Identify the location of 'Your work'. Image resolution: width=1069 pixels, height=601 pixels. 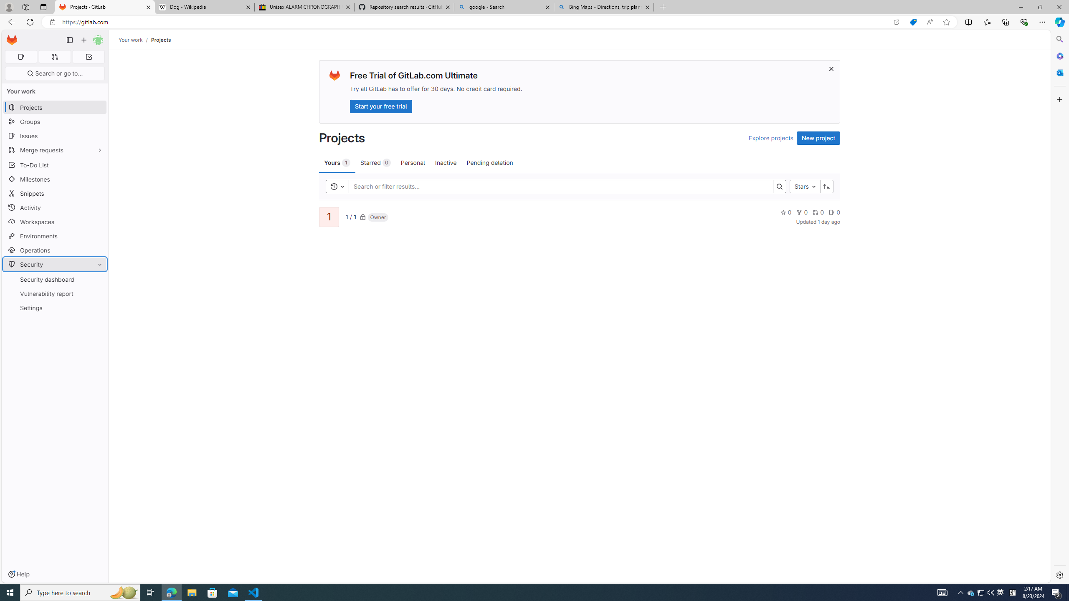
(131, 40).